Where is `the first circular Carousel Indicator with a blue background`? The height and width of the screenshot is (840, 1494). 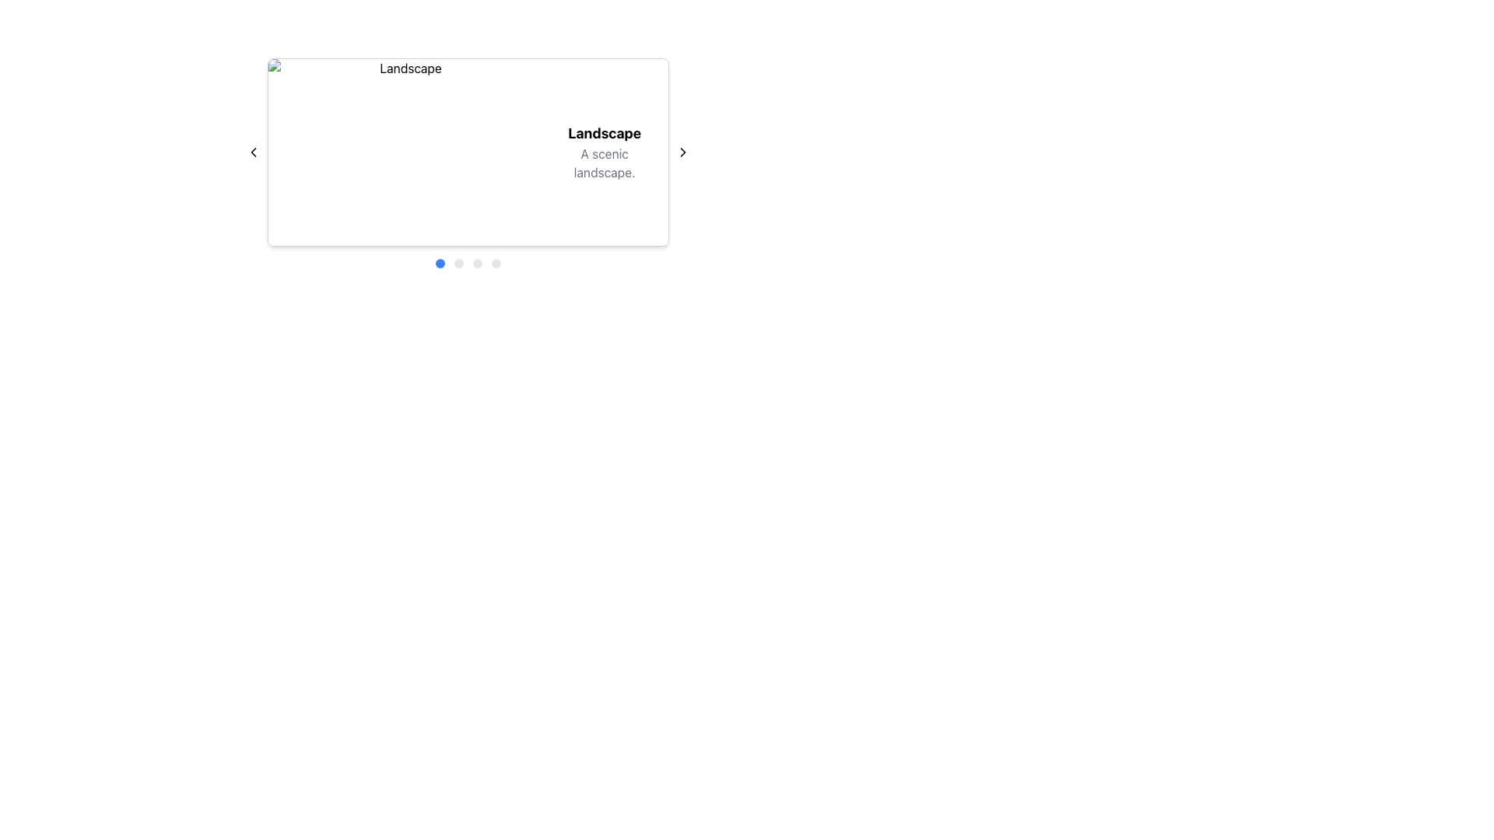 the first circular Carousel Indicator with a blue background is located at coordinates (440, 263).